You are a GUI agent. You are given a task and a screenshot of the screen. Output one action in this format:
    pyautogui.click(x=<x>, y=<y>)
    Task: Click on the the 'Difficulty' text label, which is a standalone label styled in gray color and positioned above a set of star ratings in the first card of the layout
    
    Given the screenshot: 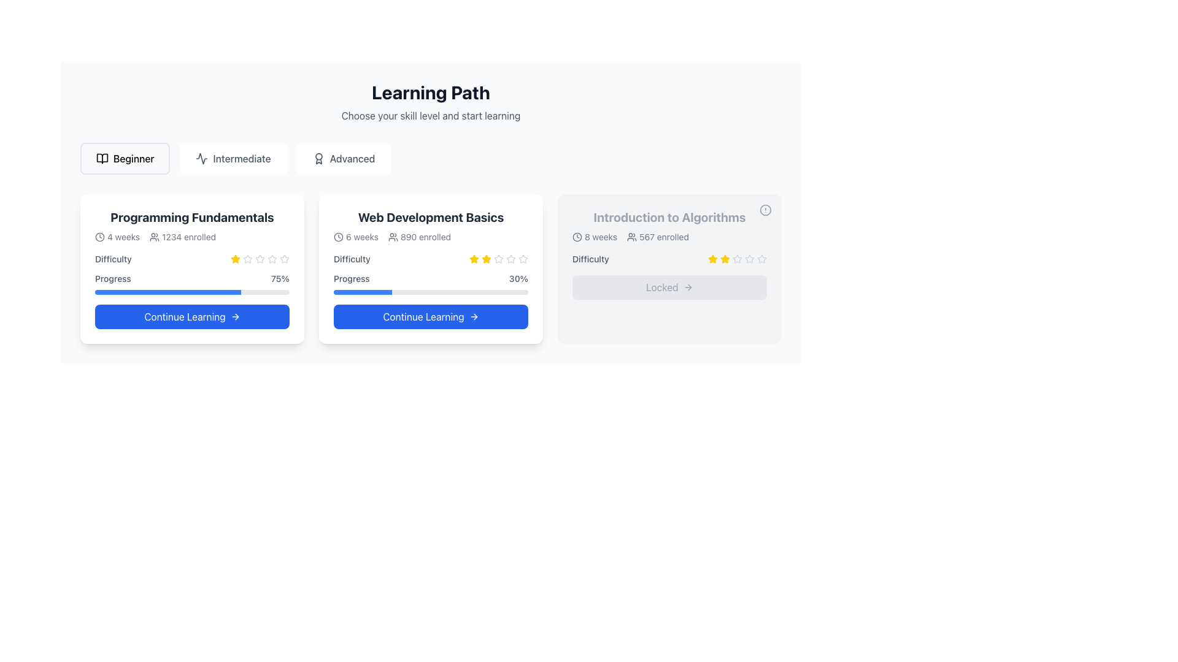 What is the action you would take?
    pyautogui.click(x=113, y=259)
    